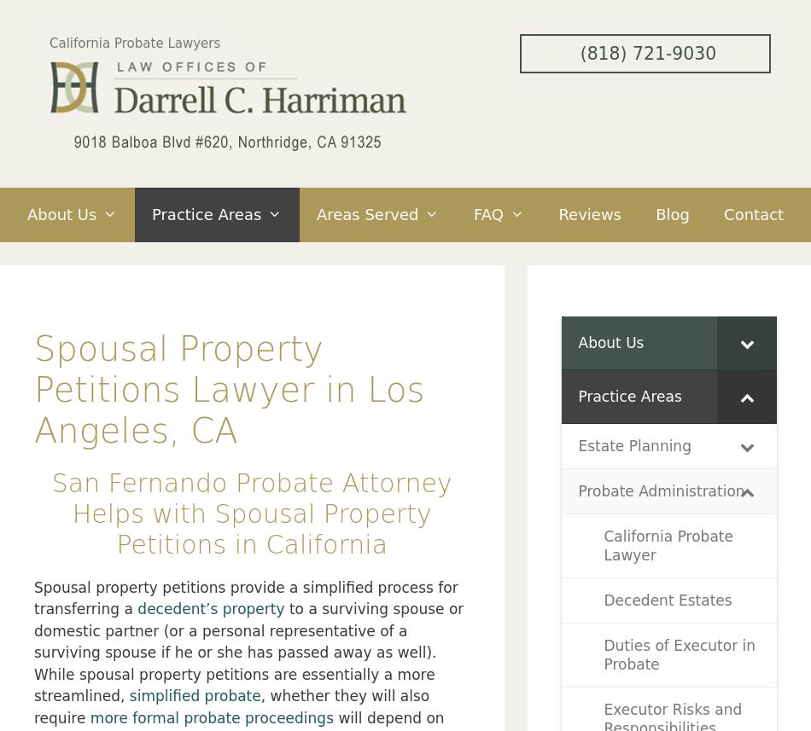  What do you see at coordinates (753, 213) in the screenshot?
I see `'Contact'` at bounding box center [753, 213].